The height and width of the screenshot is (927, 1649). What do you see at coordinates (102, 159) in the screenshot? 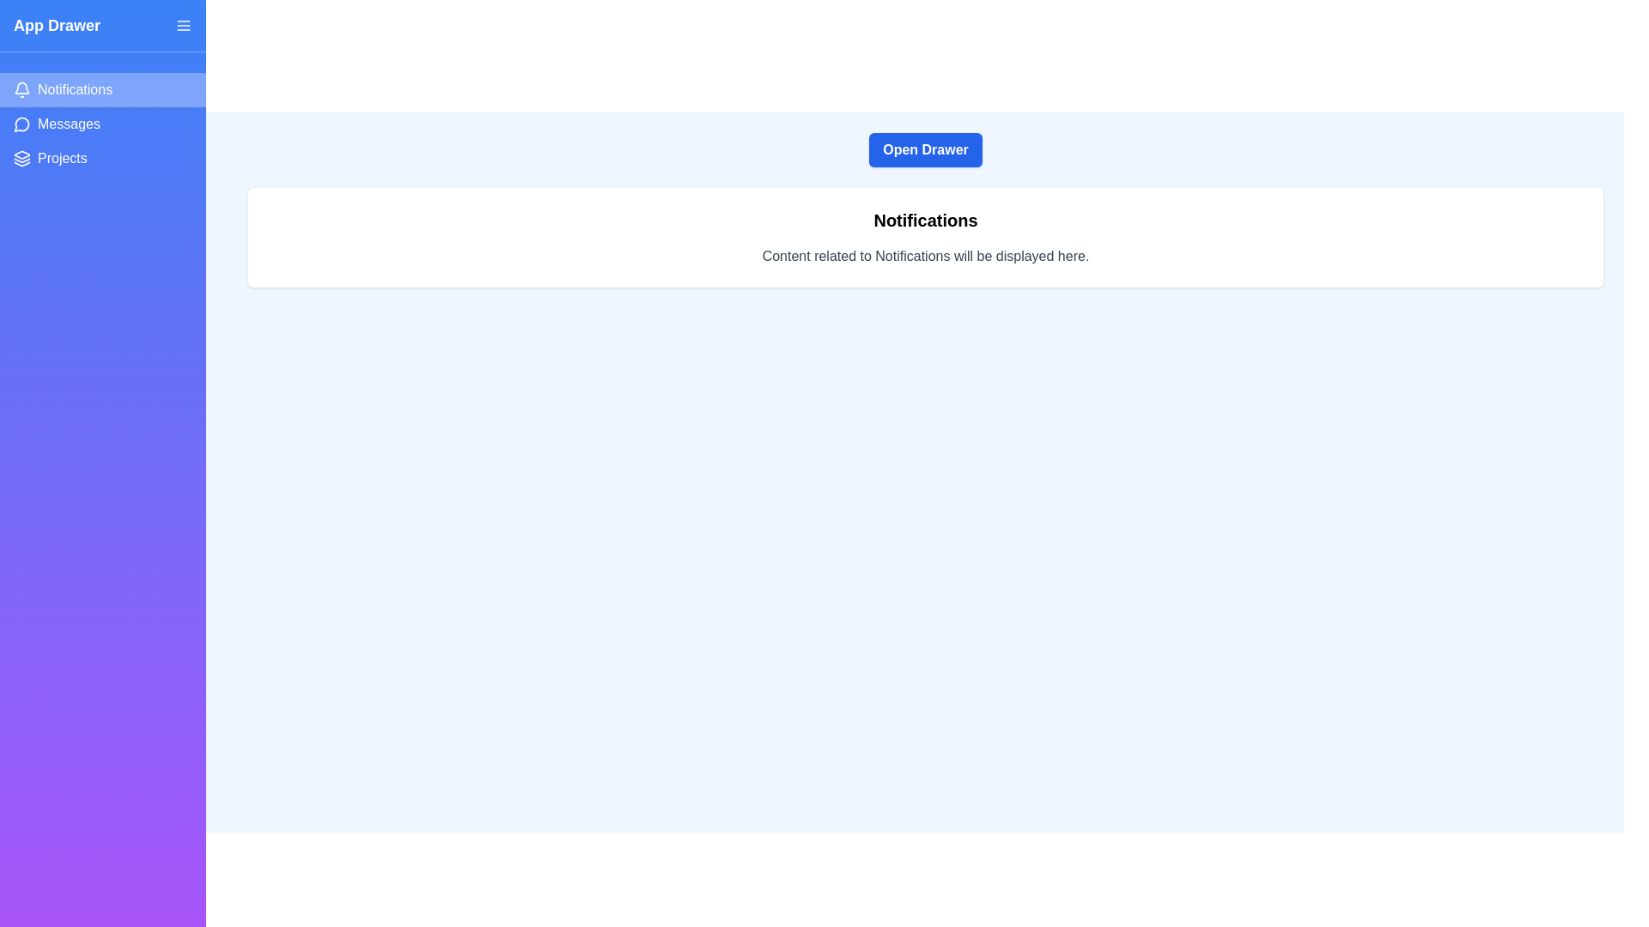
I see `the sidebar option Projects` at bounding box center [102, 159].